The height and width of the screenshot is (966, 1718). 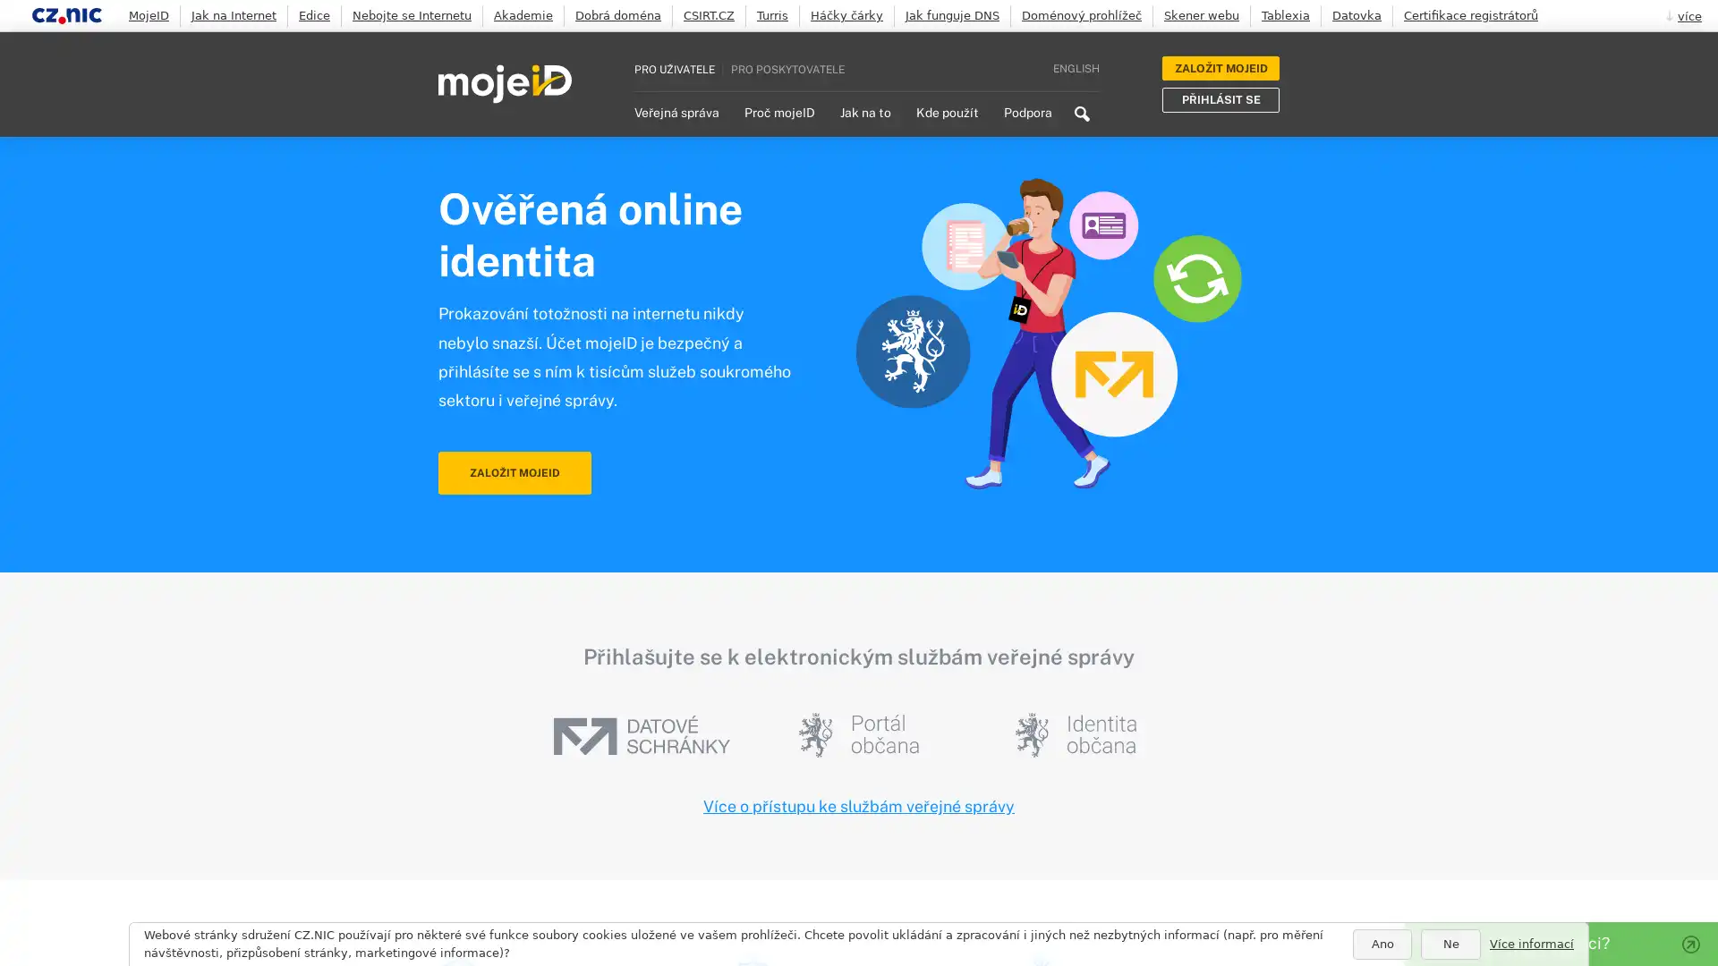 I want to click on Ano, so click(x=1381, y=944).